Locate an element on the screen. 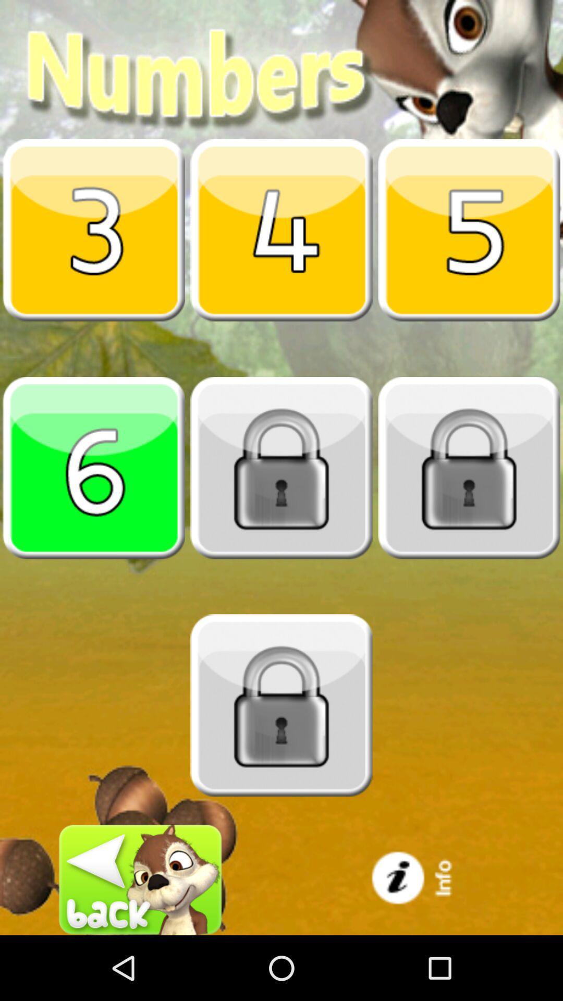 The width and height of the screenshot is (563, 1001). back is located at coordinates (141, 879).